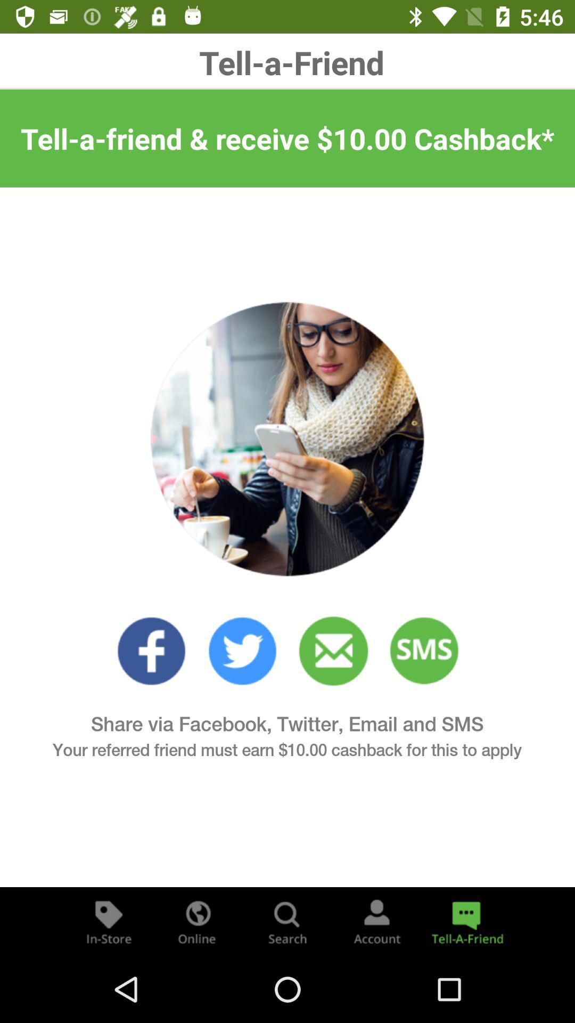 This screenshot has height=1023, width=575. What do you see at coordinates (242, 651) in the screenshot?
I see `twitter option` at bounding box center [242, 651].